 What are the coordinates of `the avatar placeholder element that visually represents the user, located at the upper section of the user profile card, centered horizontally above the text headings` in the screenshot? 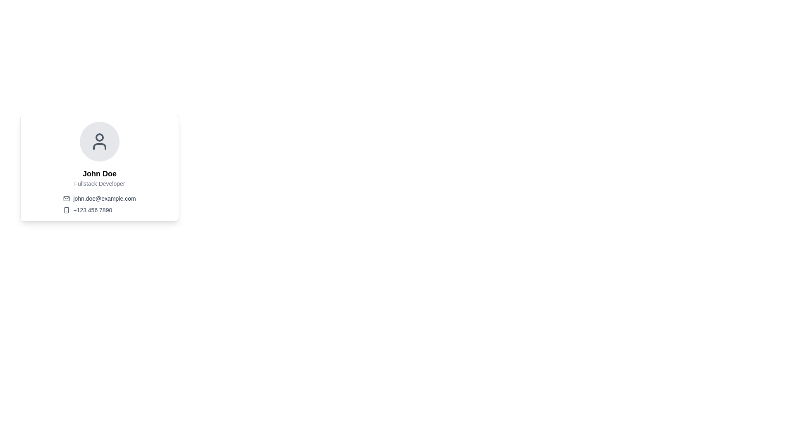 It's located at (99, 141).